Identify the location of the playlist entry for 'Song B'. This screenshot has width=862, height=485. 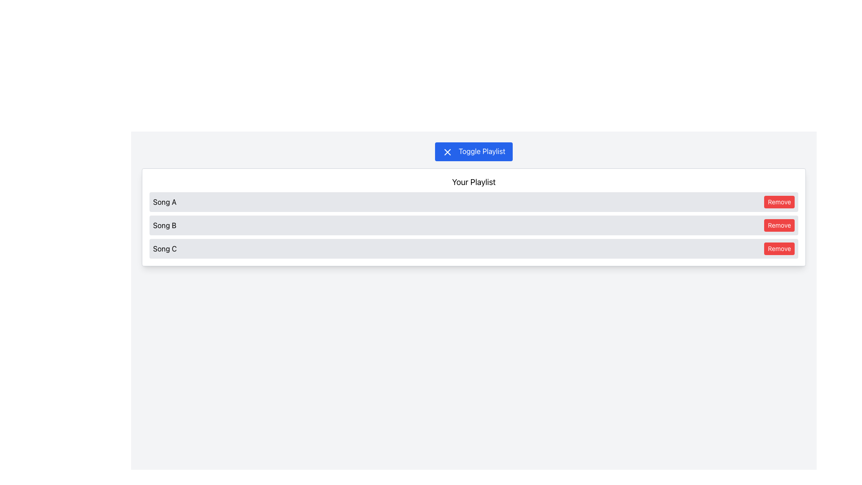
(473, 225).